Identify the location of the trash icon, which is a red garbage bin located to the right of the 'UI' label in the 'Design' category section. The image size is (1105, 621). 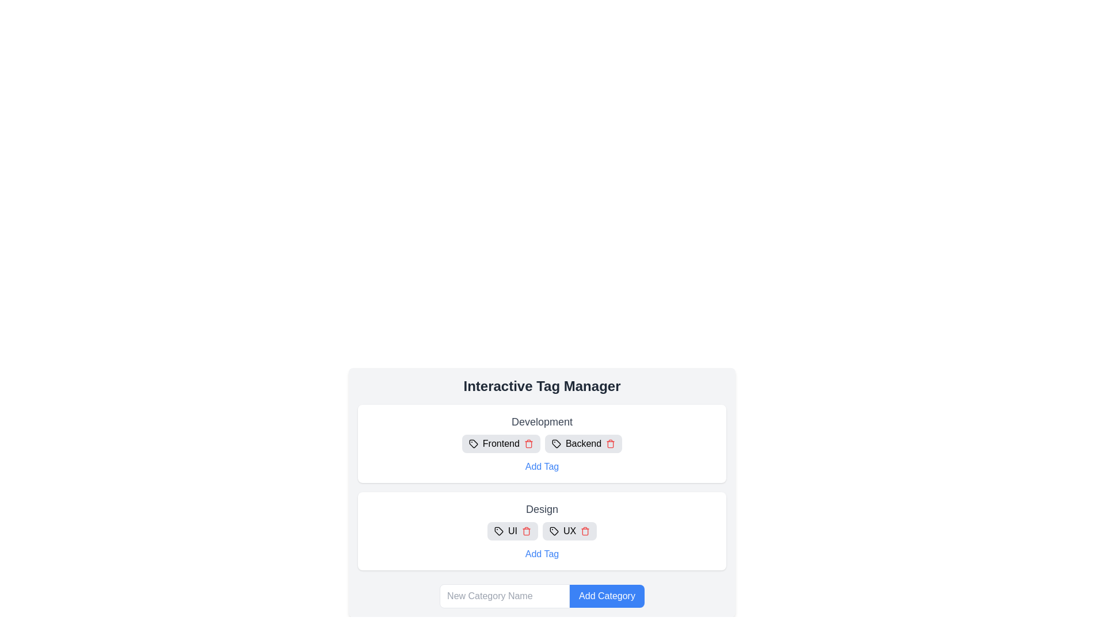
(525, 531).